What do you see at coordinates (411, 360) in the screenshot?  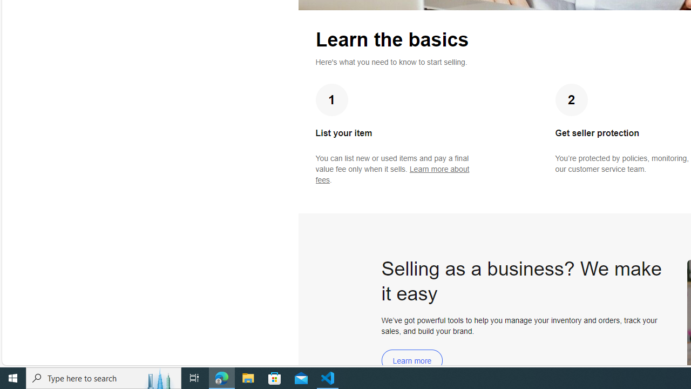 I see `'Learn more'` at bounding box center [411, 360].